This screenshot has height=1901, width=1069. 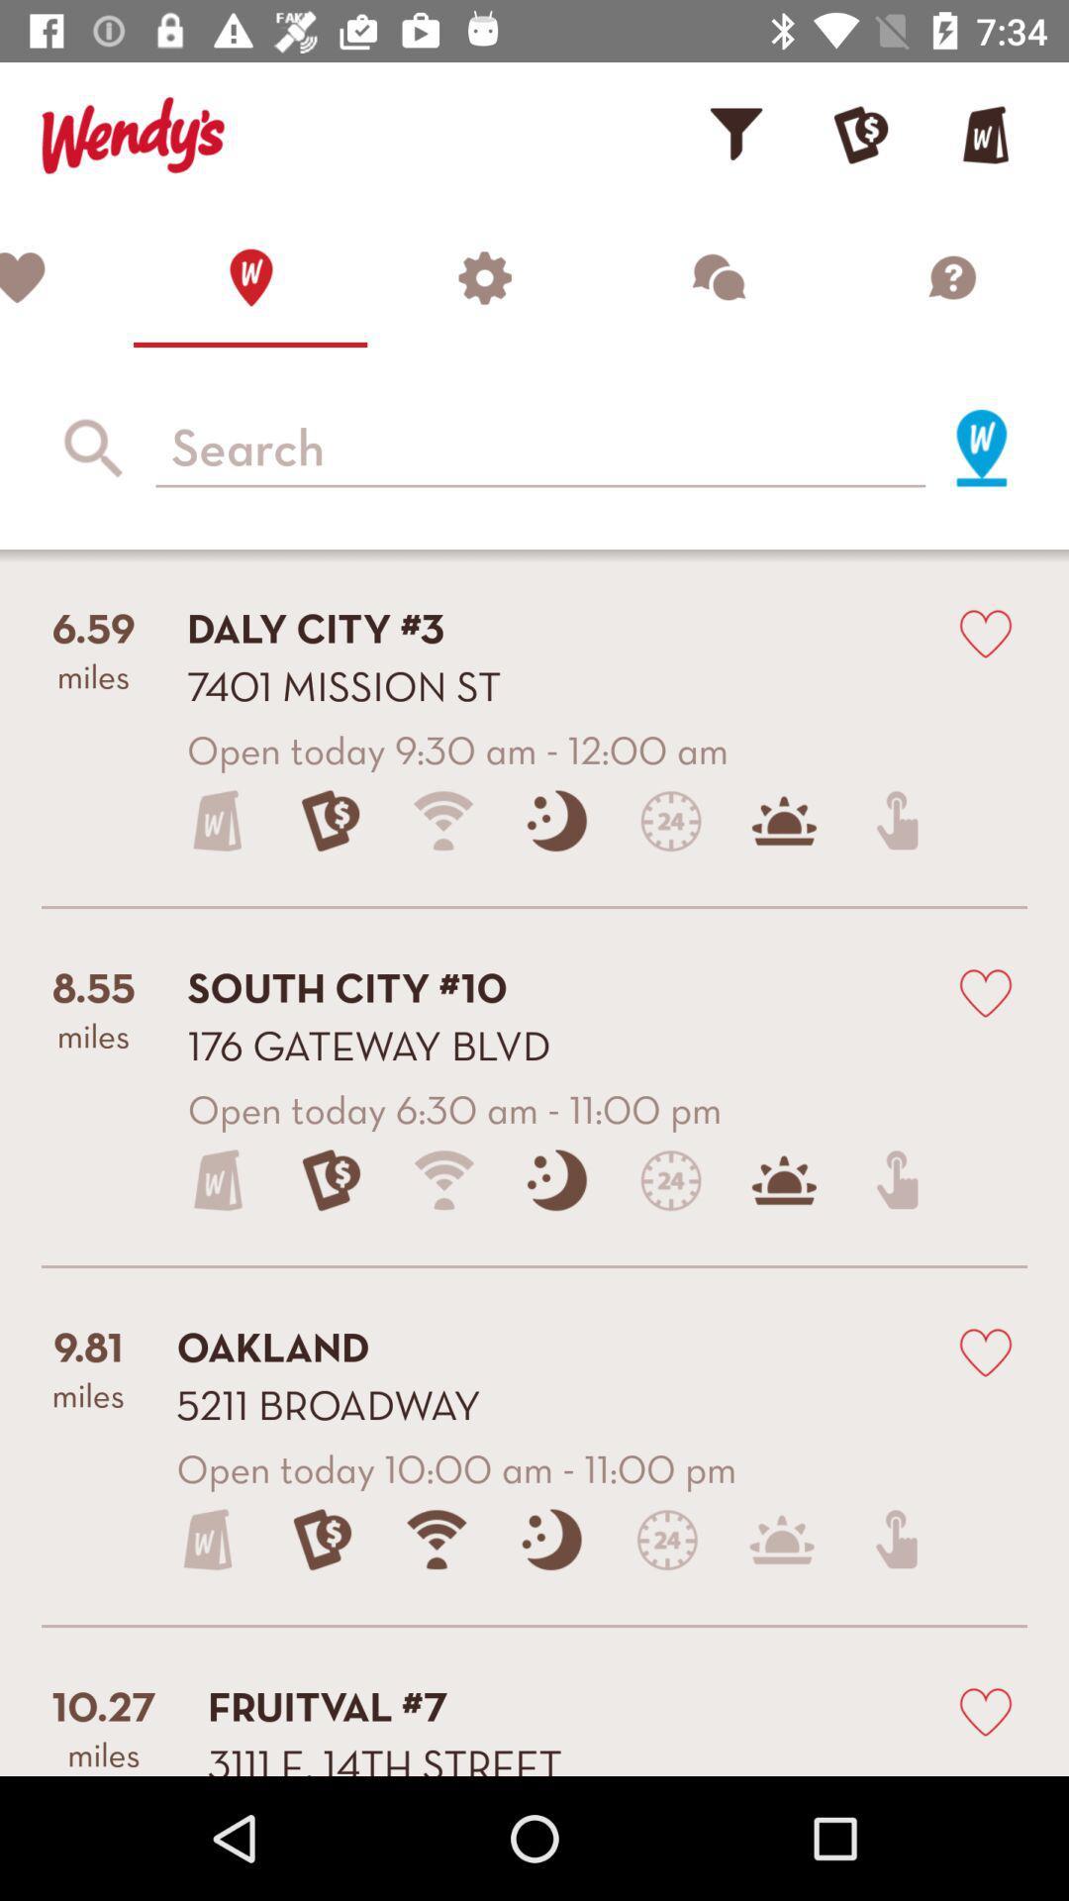 What do you see at coordinates (65, 276) in the screenshot?
I see `favorites` at bounding box center [65, 276].